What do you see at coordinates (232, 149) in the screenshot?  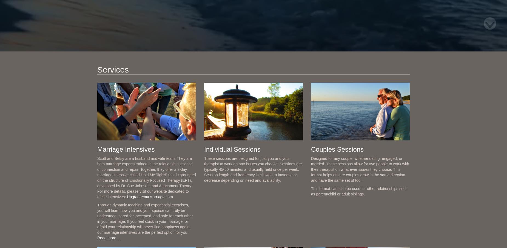 I see `'Individual Sessions'` at bounding box center [232, 149].